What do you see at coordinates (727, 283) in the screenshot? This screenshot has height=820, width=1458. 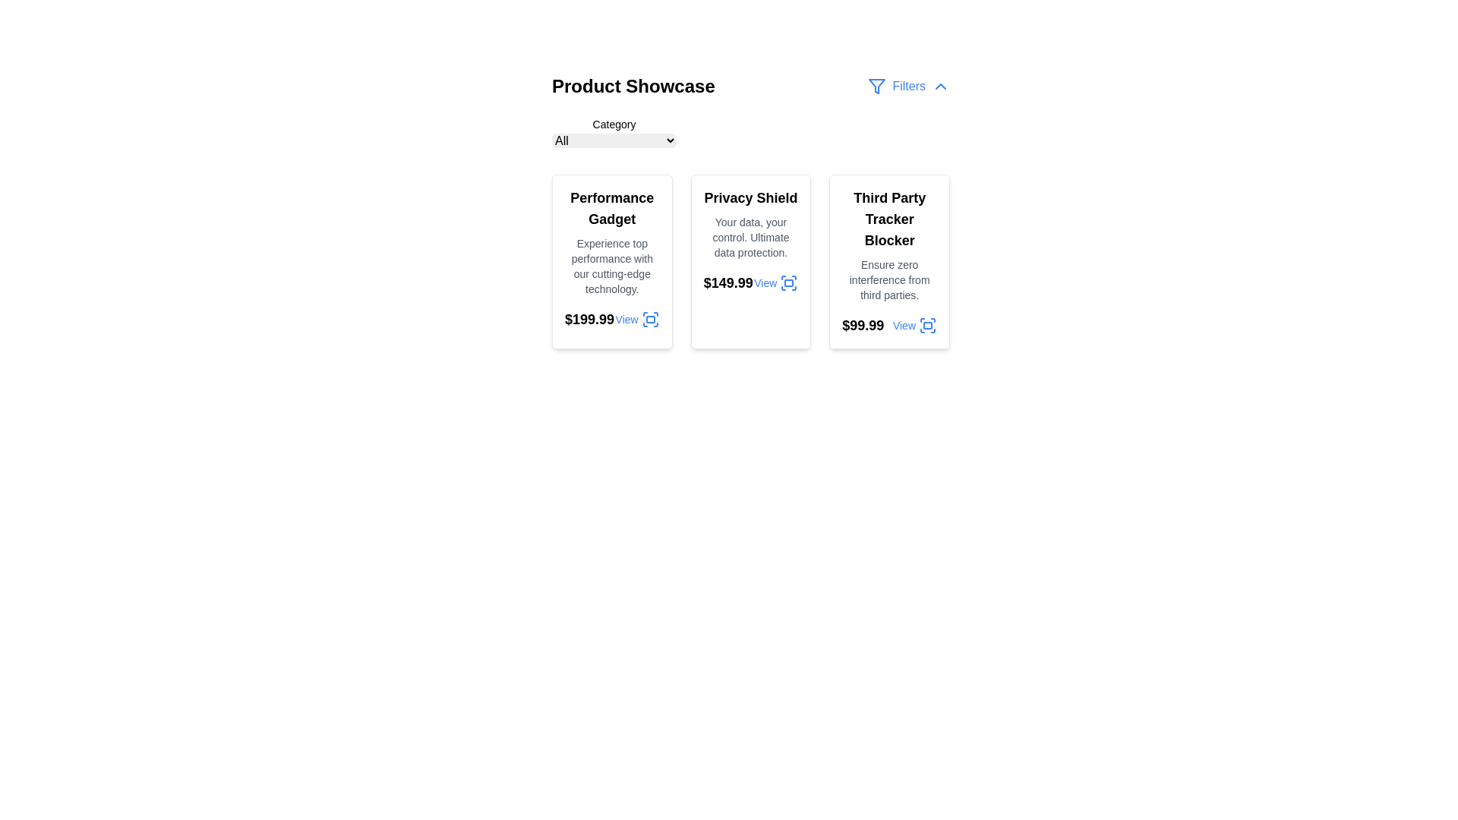 I see `value of the price displayed in the Text label for the 'Privacy Shield' product, located in the middle card of a three-column product grid layout` at bounding box center [727, 283].